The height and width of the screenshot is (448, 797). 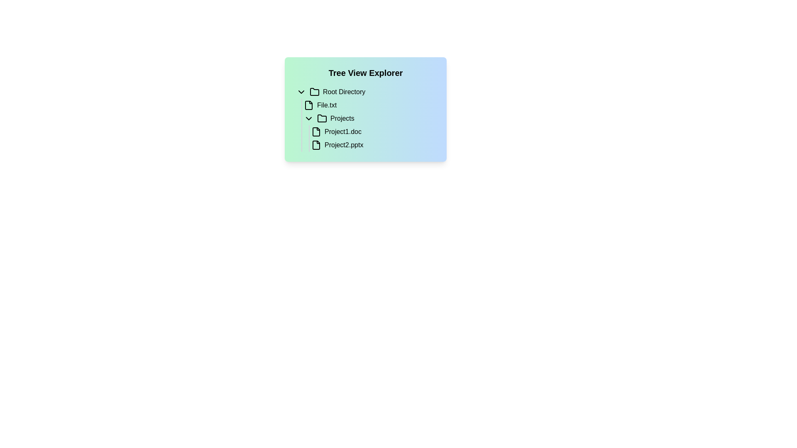 What do you see at coordinates (308, 105) in the screenshot?
I see `the document icon located to the left of the 'File.txt' label in the tree explorer interface` at bounding box center [308, 105].